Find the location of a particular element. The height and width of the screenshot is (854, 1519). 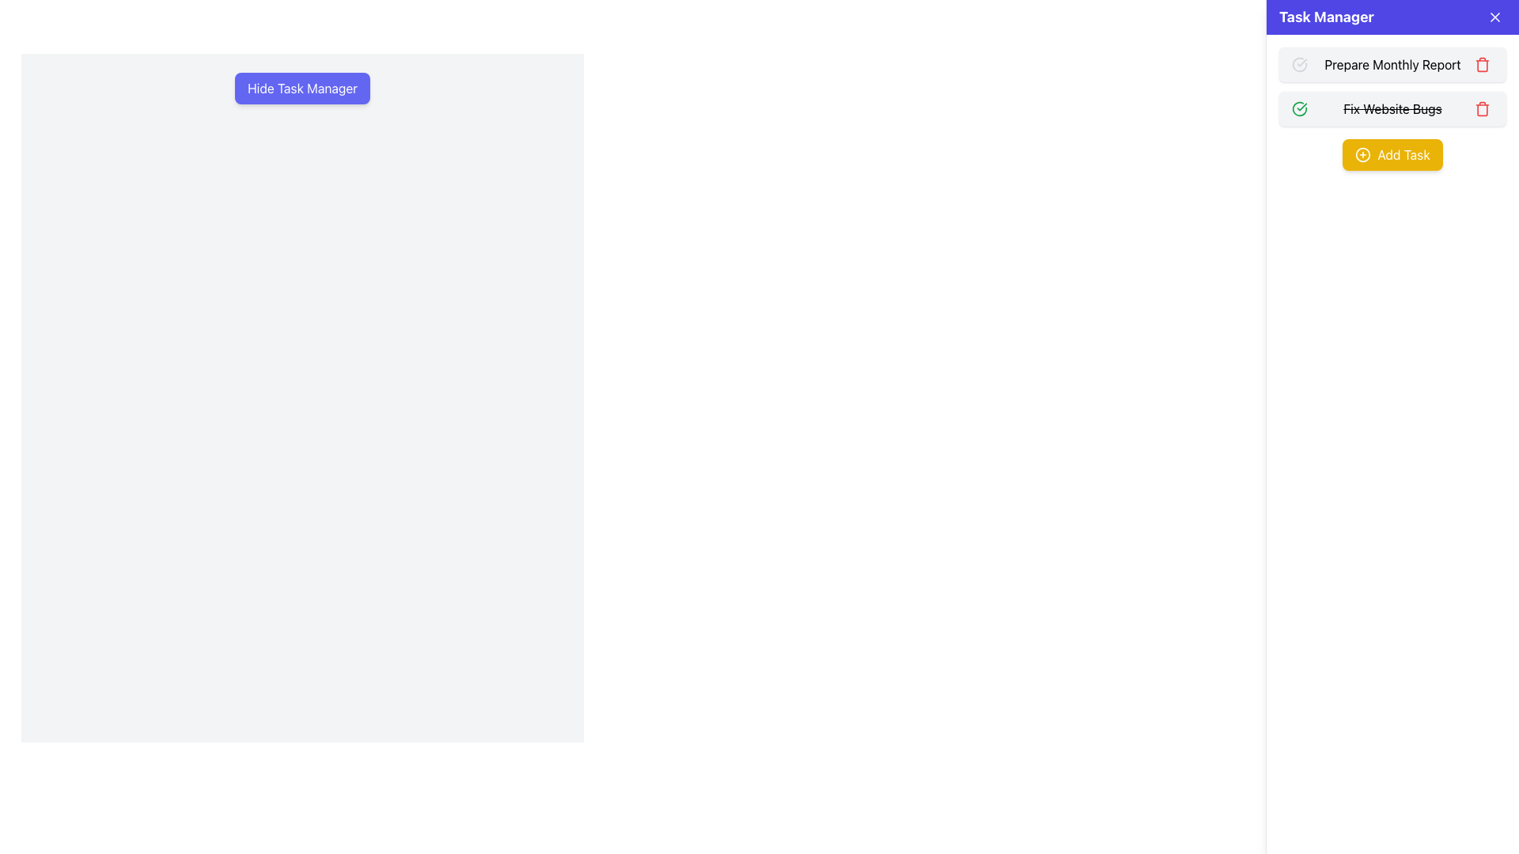

the first task item in the 'Task Manager' panel, which displays task details and allows interaction such as marking complete or deleting is located at coordinates (1392, 63).